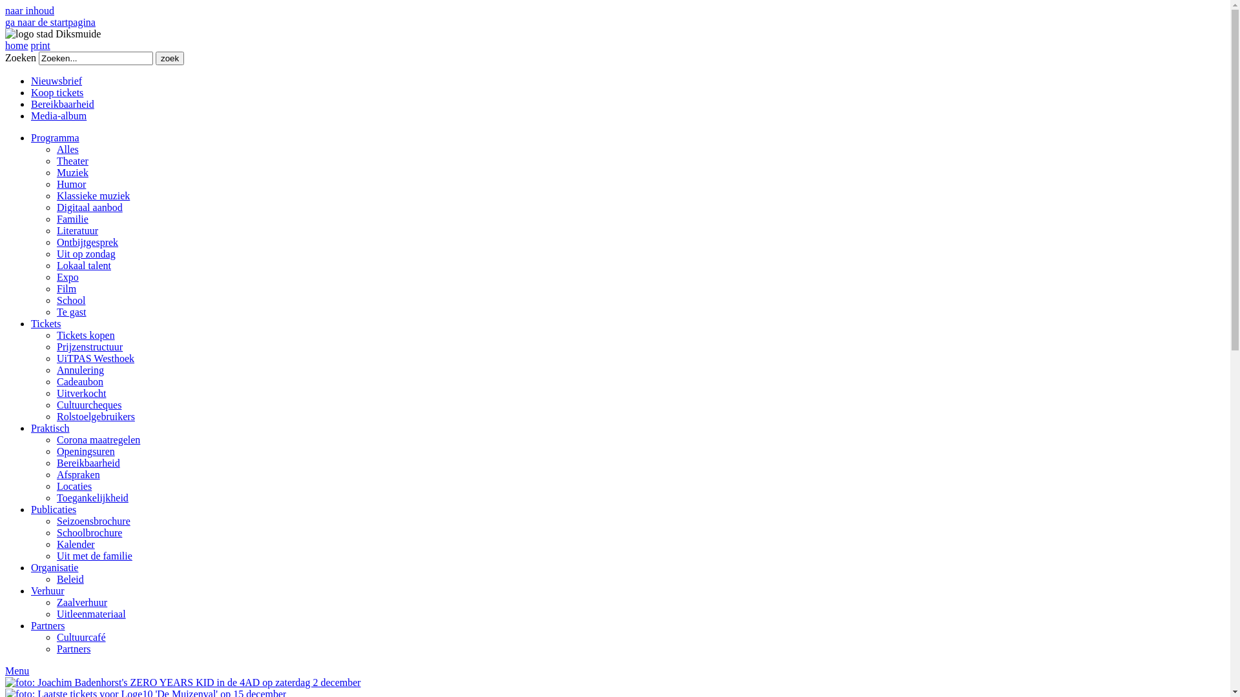 The image size is (1240, 697). I want to click on 'Afspraken', so click(77, 474).